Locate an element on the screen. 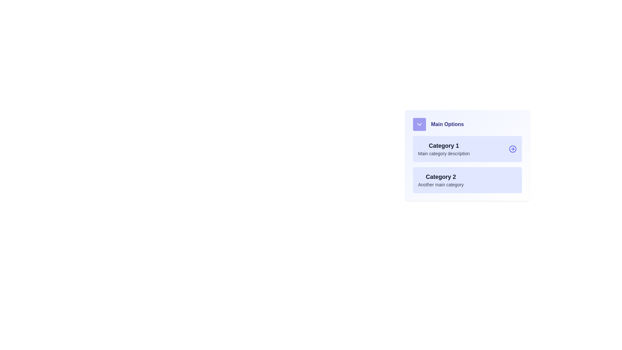 The height and width of the screenshot is (350, 622). the chevron icon located at the top right of the 'Main Options' section is located at coordinates (419, 124).